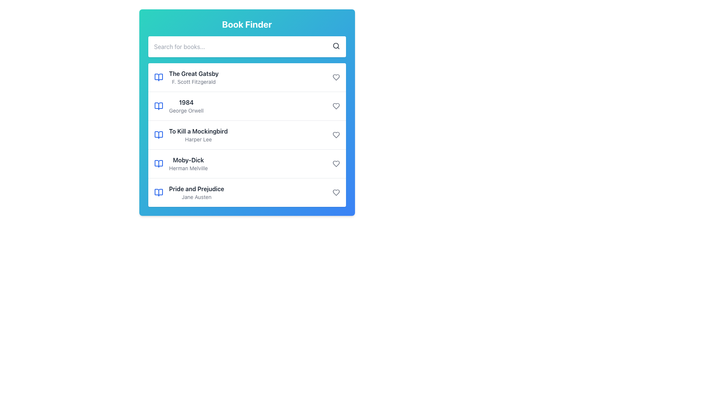 The width and height of the screenshot is (719, 404). What do you see at coordinates (194, 73) in the screenshot?
I see `the text label displaying the title 'The Great Gatsby', which is the first entry in a list of book titles, positioned near the top and to the right of a small blue book icon` at bounding box center [194, 73].